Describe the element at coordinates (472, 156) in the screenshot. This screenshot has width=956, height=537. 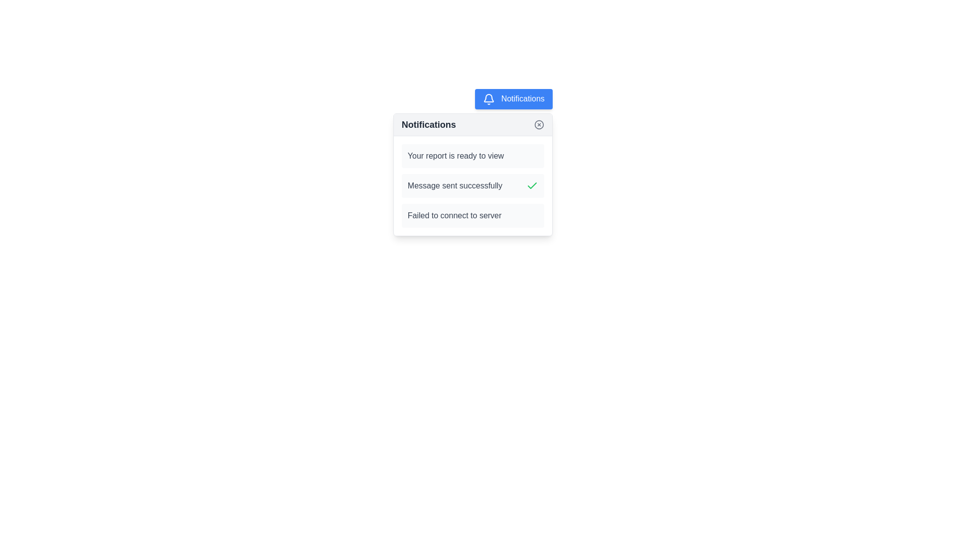
I see `the Notification banner located beneath the 'Notifications' header to read the notification text` at that location.